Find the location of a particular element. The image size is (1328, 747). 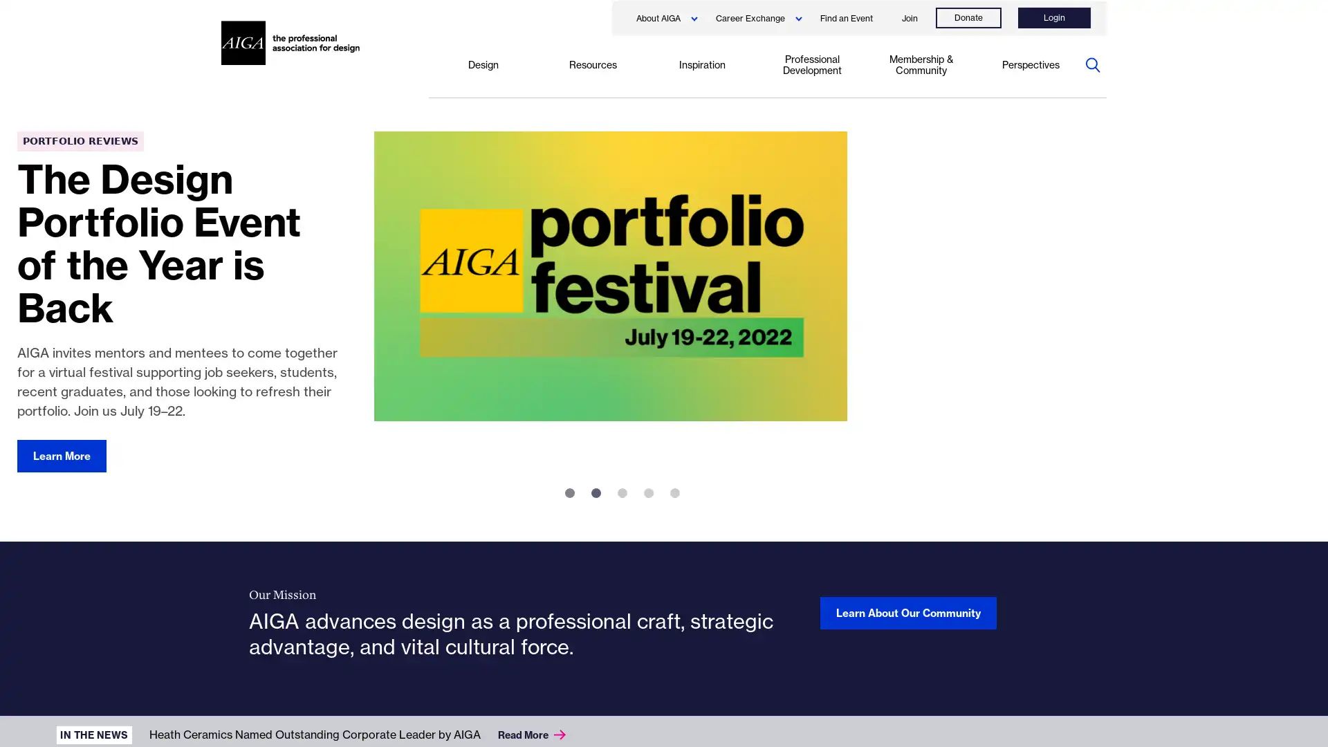

1 of 5 is located at coordinates (570, 492).